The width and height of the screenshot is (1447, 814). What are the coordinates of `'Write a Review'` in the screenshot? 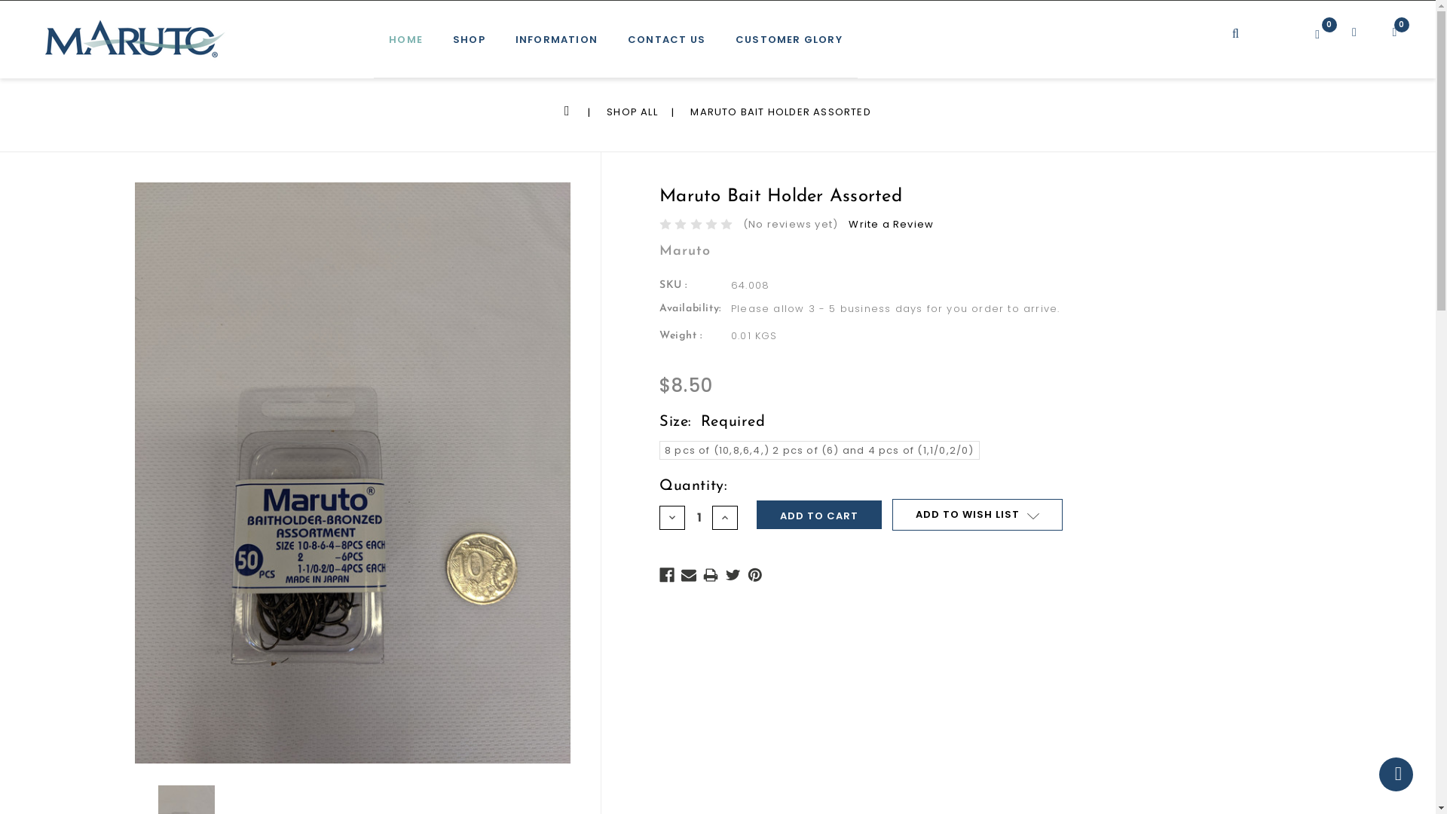 It's located at (891, 224).